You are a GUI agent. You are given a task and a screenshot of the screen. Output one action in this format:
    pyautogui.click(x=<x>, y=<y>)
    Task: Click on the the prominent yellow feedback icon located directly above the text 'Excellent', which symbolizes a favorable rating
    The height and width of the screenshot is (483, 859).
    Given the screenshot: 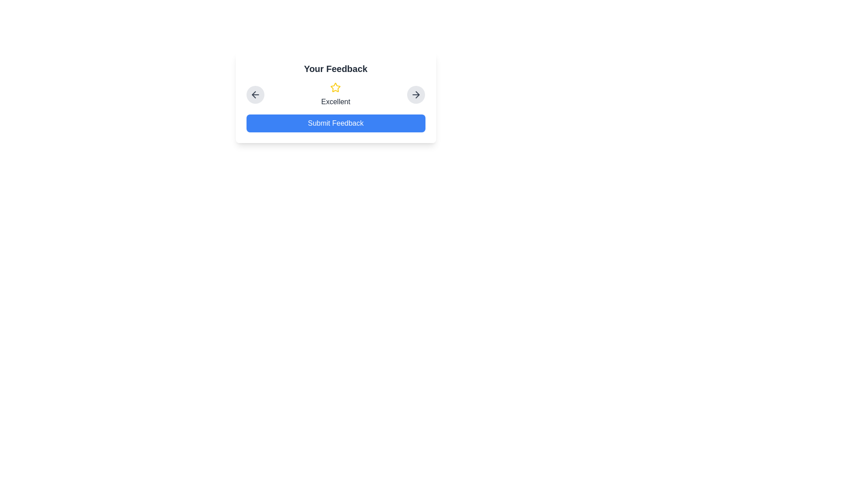 What is the action you would take?
    pyautogui.click(x=335, y=88)
    